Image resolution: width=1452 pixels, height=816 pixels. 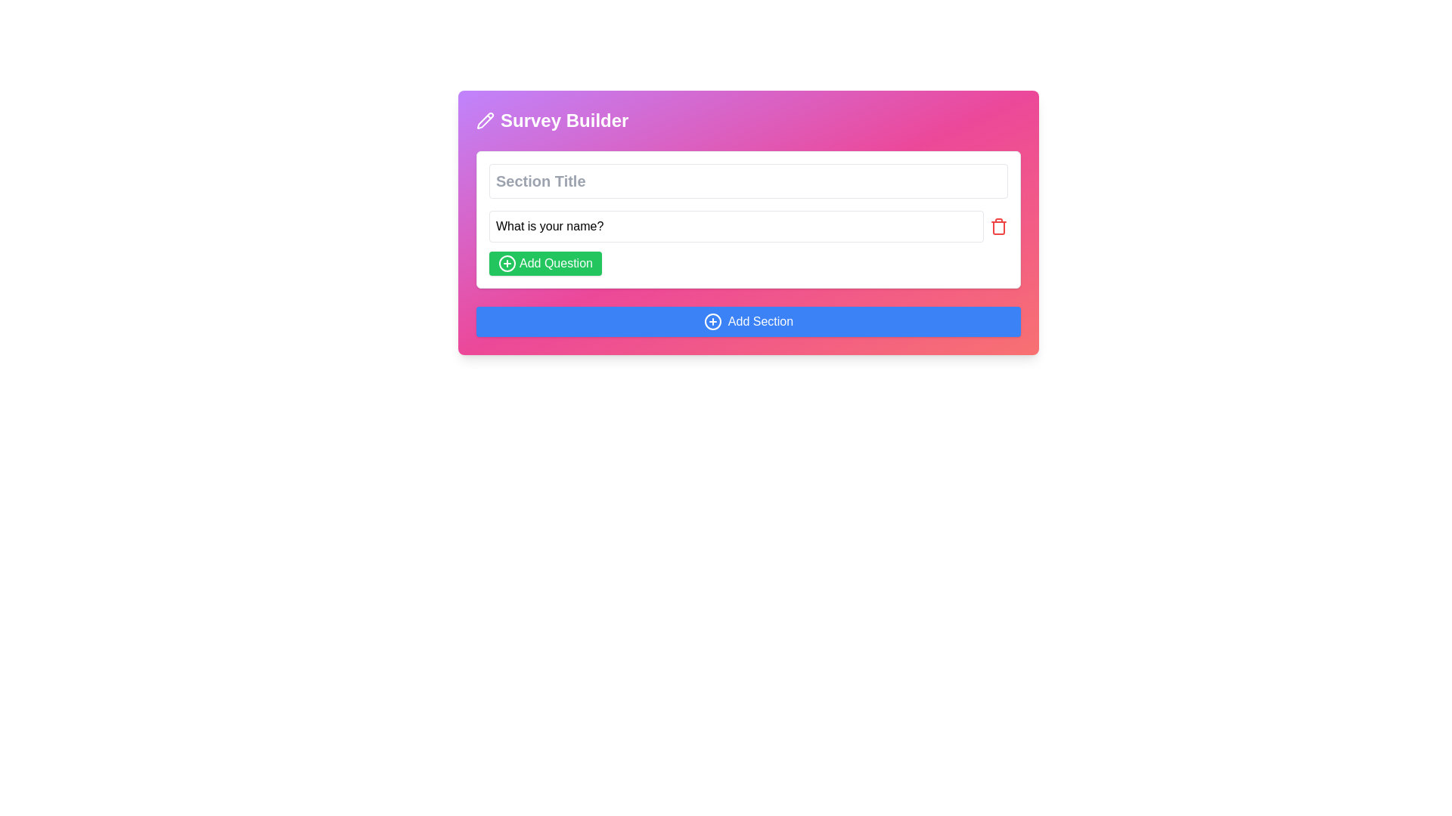 I want to click on the edit icon resembling a pencil, which is located next to the 'Survey Builder' title in the form interface, so click(x=486, y=119).